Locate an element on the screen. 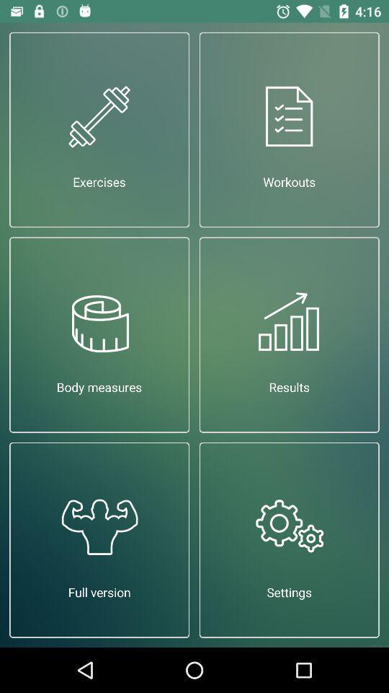 The image size is (389, 693). item above the settings icon is located at coordinates (289, 335).